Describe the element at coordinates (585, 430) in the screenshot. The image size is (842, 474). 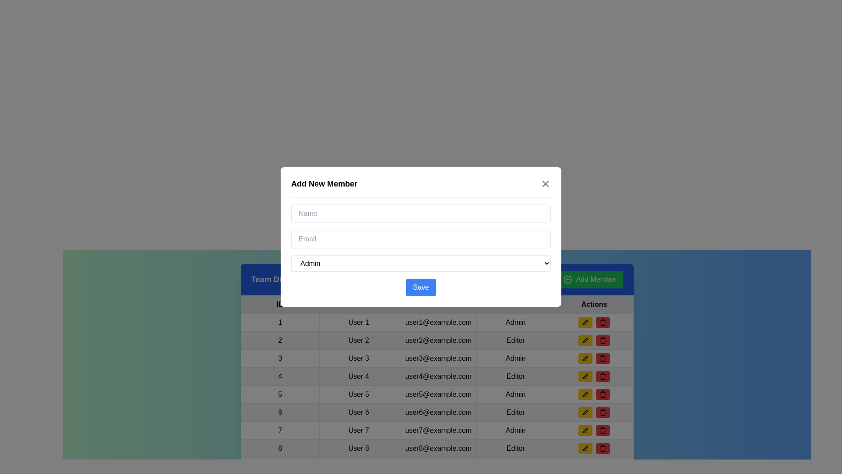
I see `the edit button with a yellow background, which has a pen icon, located in the last row of the table under the 'Actions' column` at that location.